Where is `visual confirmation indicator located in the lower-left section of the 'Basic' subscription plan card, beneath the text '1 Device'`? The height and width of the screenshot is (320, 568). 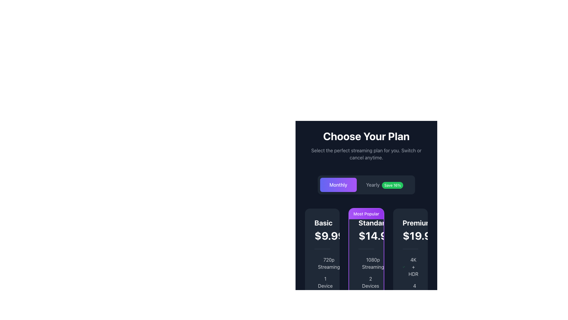 visual confirmation indicator located in the lower-left section of the 'Basic' subscription plan card, beneath the text '1 Device' is located at coordinates (318, 282).